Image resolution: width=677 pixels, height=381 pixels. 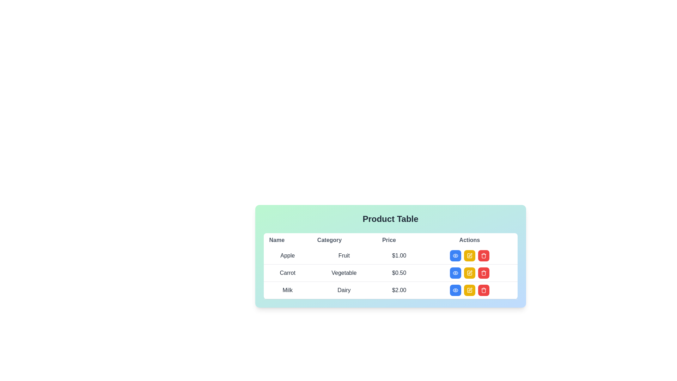 What do you see at coordinates (469, 290) in the screenshot?
I see `the icon located in the top-right corner of the 'Actions' column for the 'Milk' dairy entry` at bounding box center [469, 290].